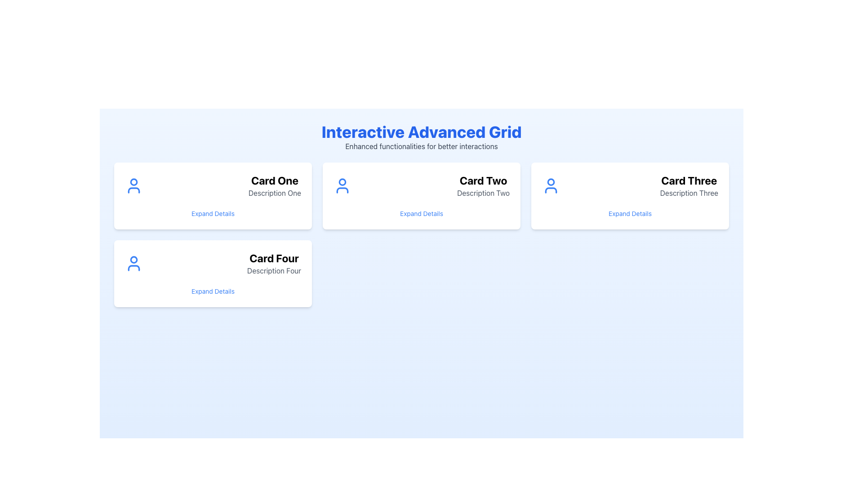  What do you see at coordinates (133, 185) in the screenshot?
I see `the user avatar SVG icon located in the top-left corner of 'Card One' for interaction` at bounding box center [133, 185].